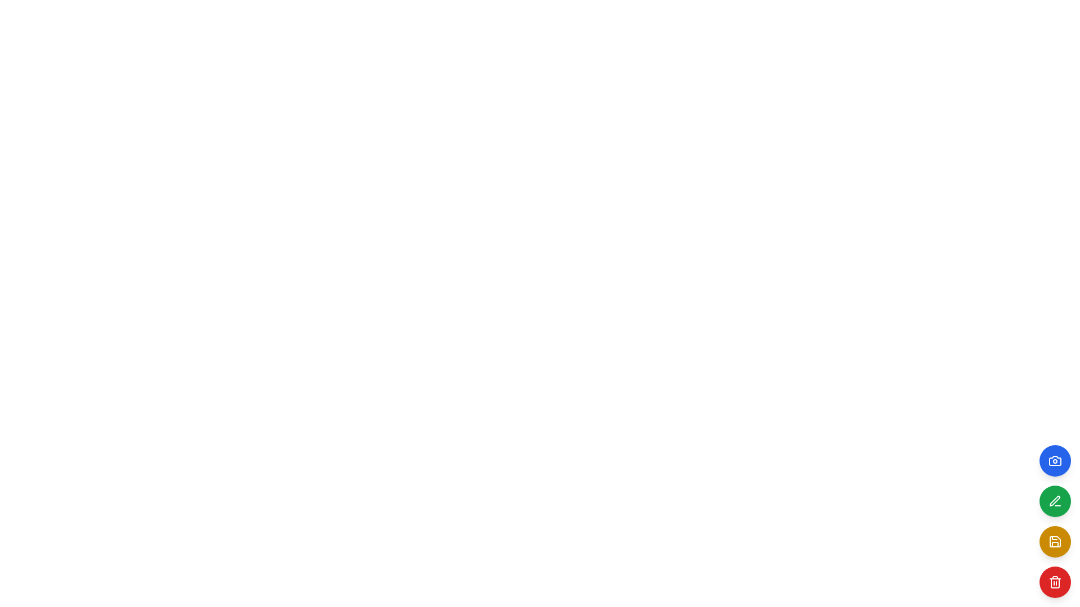 Image resolution: width=1080 pixels, height=607 pixels. Describe the element at coordinates (1055, 541) in the screenshot. I see `the save button located at the bottom-right corner of the interface` at that location.